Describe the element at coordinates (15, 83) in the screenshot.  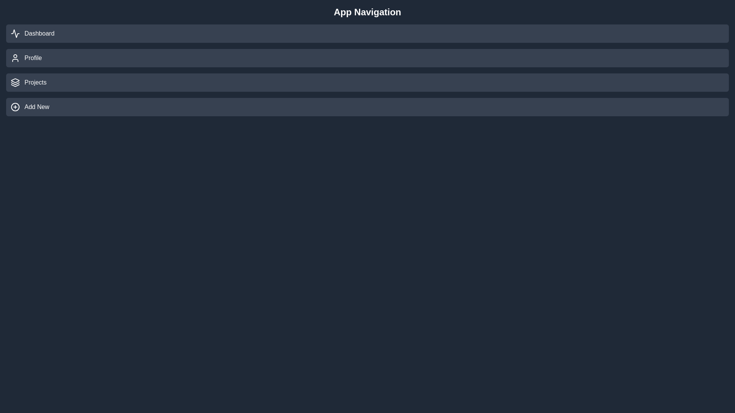
I see `the 'Projects' icon located to the left of the text label 'Projects' in the navigation menu` at that location.